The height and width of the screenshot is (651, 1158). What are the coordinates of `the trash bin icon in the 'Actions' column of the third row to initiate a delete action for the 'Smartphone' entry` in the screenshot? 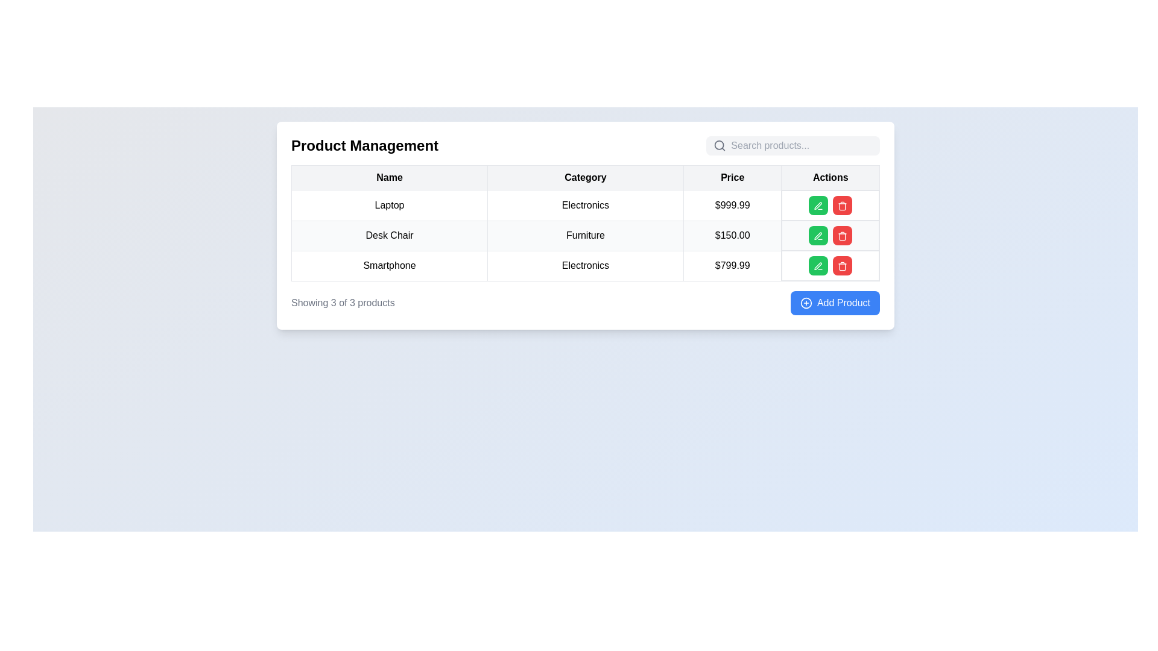 It's located at (842, 206).